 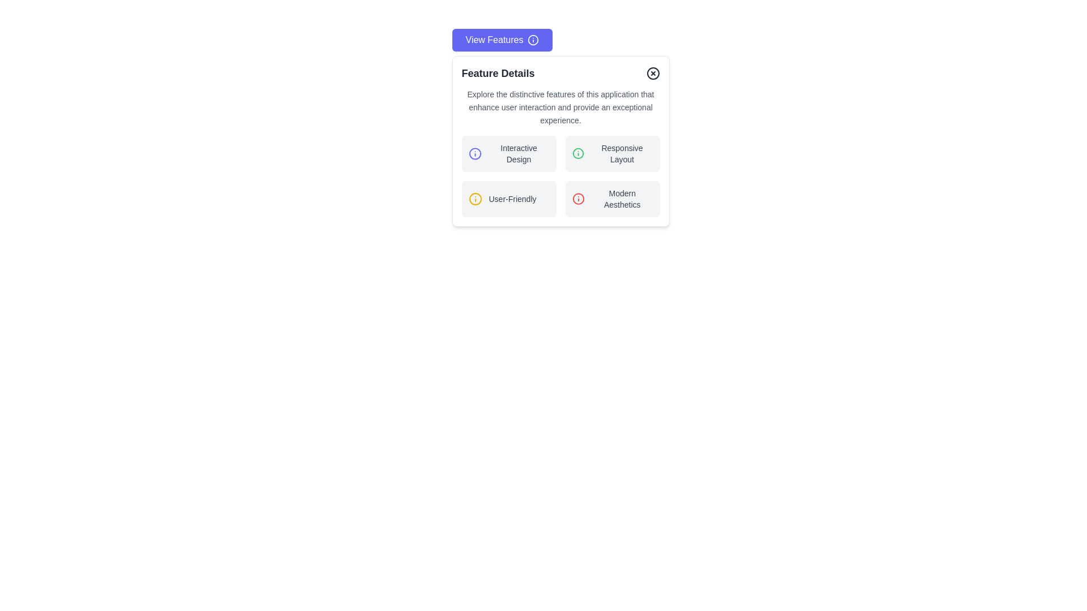 I want to click on the circular information icon with a yellow outline located to the left of the text 'User-Friendly' in the features widget, so click(x=475, y=199).